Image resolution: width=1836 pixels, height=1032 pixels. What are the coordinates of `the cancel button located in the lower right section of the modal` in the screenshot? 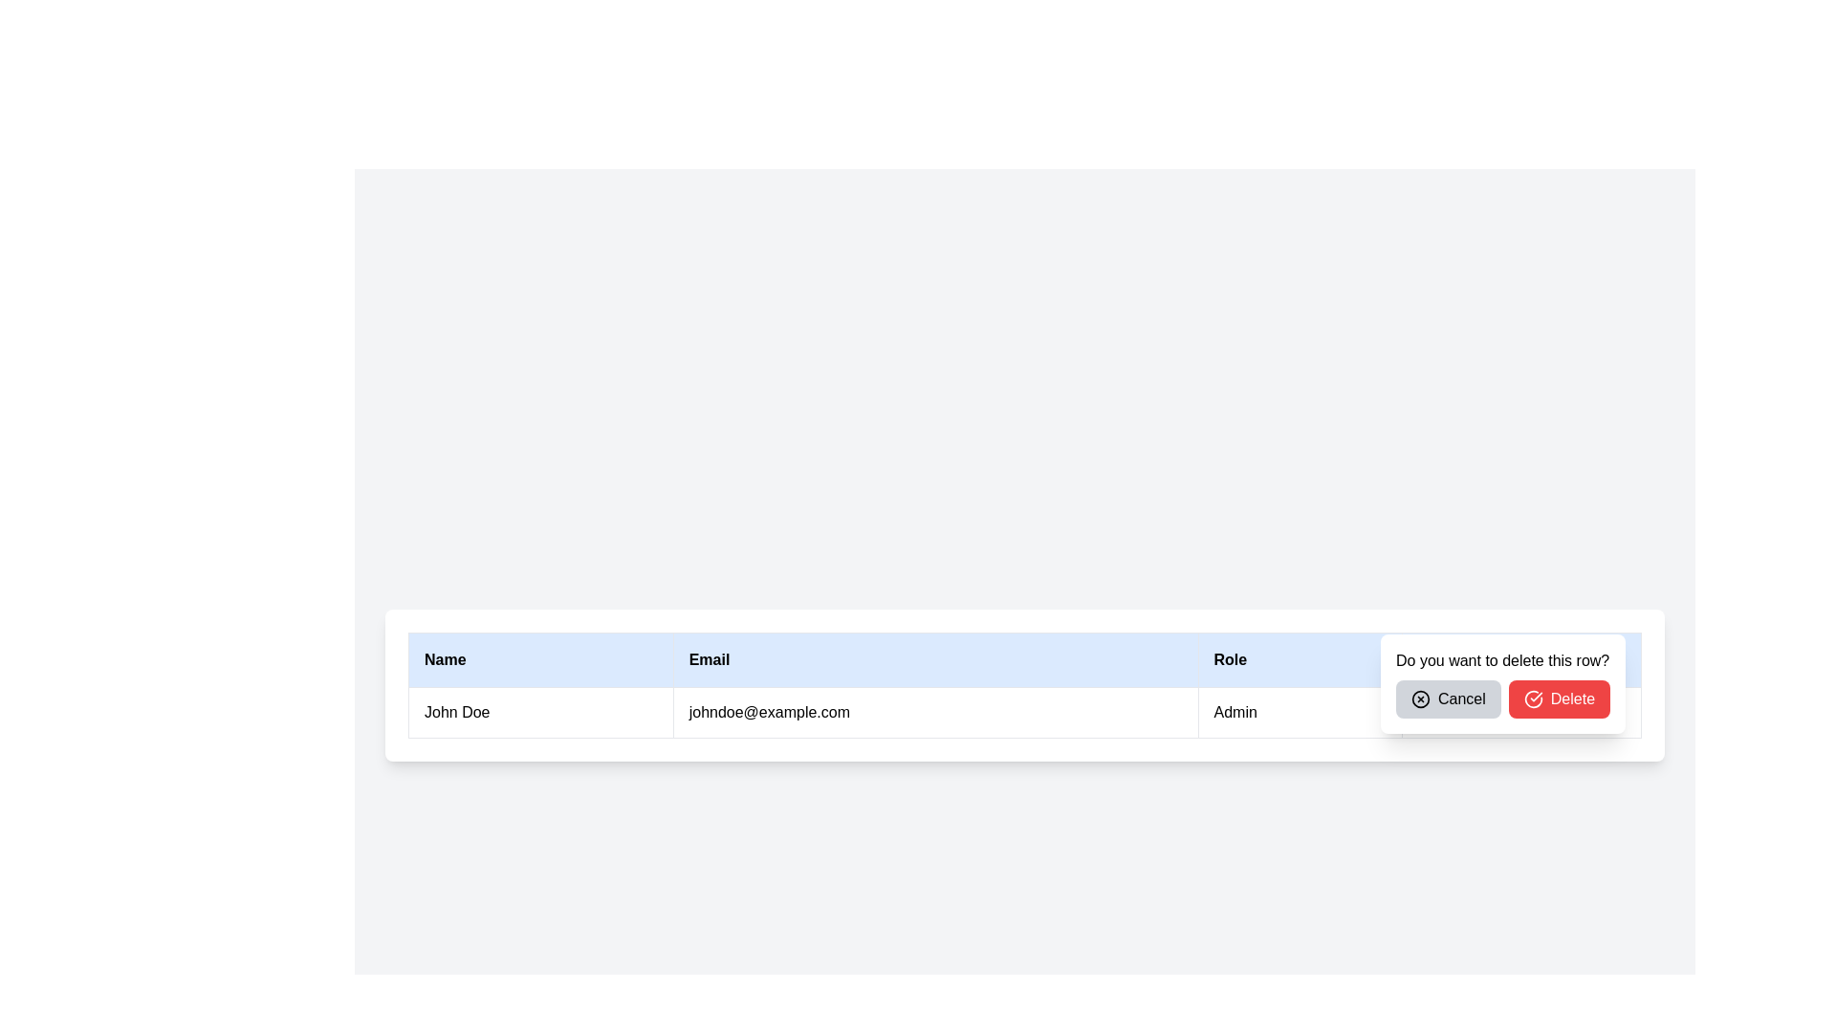 It's located at (1448, 699).